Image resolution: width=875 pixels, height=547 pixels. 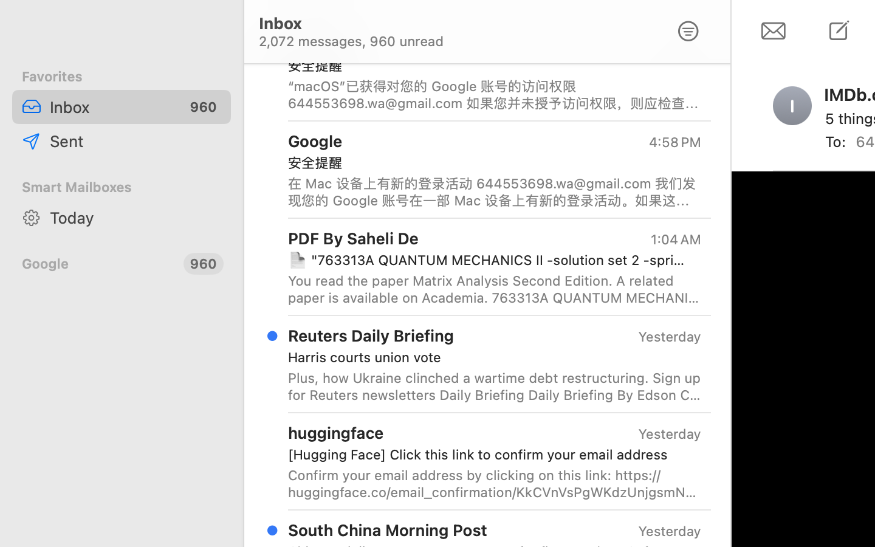 What do you see at coordinates (674, 239) in the screenshot?
I see `'1:04 AM'` at bounding box center [674, 239].